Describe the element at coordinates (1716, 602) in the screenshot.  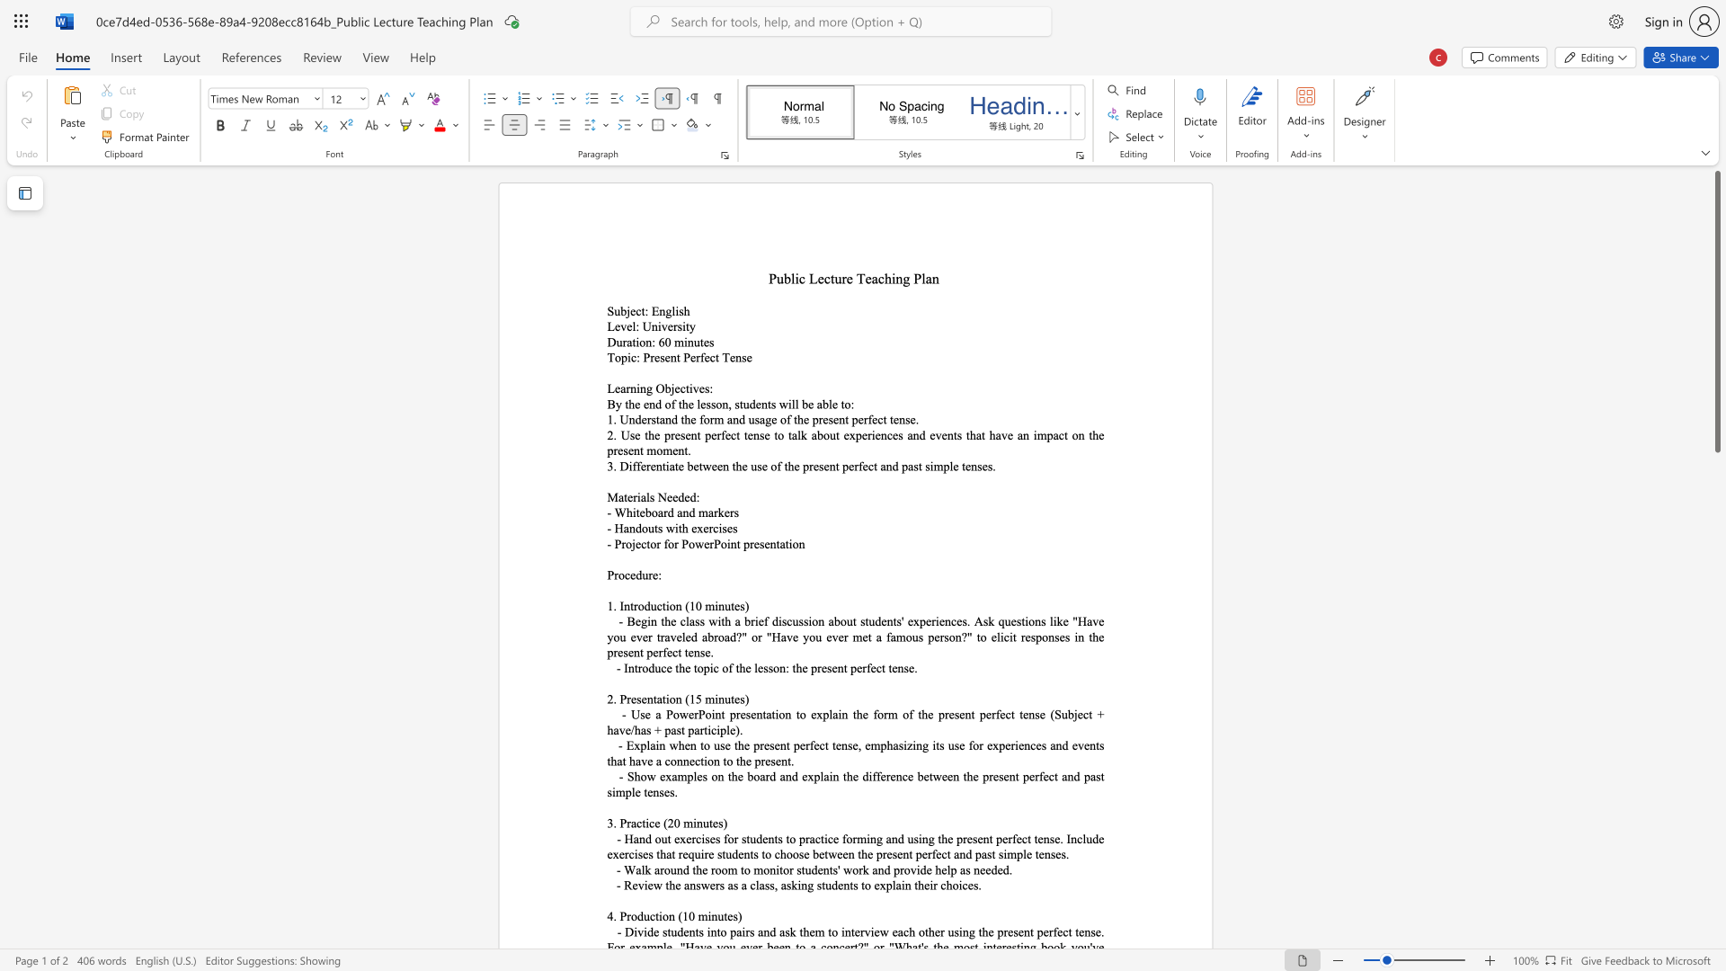
I see `the scrollbar to move the page downward` at that location.